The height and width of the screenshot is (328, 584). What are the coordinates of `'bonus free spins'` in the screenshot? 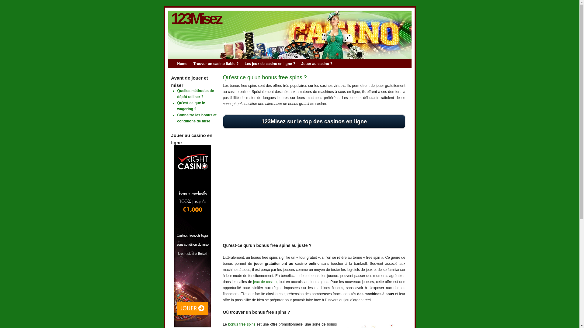 It's located at (242, 324).